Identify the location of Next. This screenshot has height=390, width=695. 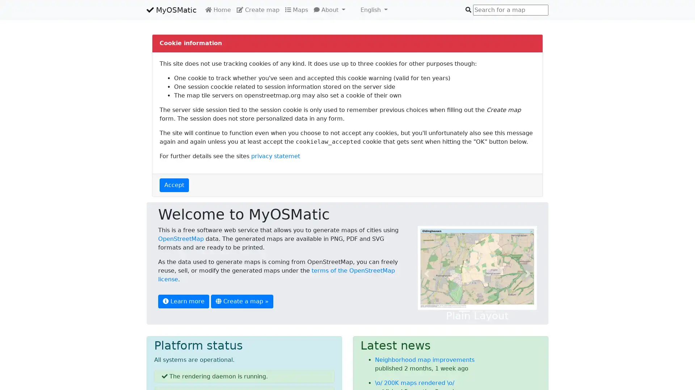
(527, 274).